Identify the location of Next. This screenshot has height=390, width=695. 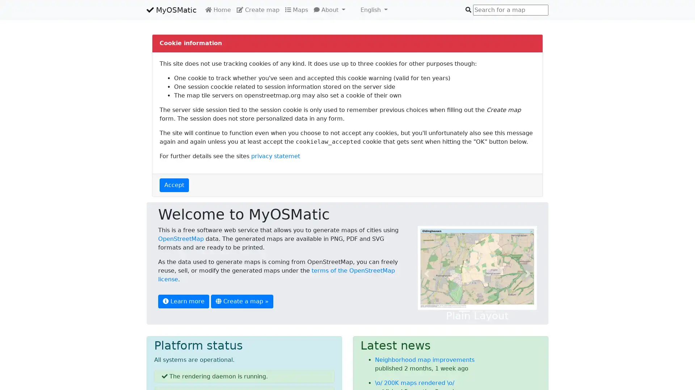
(527, 274).